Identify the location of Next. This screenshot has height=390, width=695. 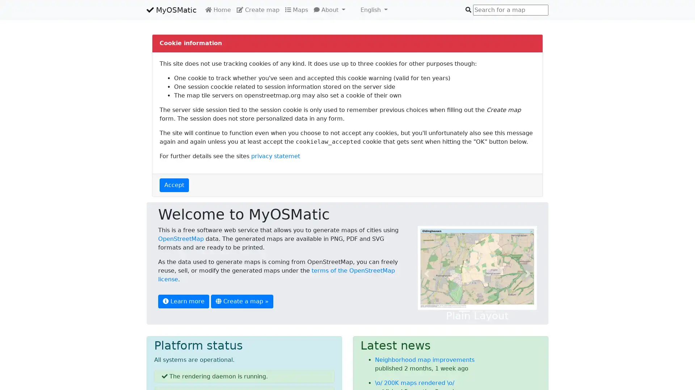
(527, 274).